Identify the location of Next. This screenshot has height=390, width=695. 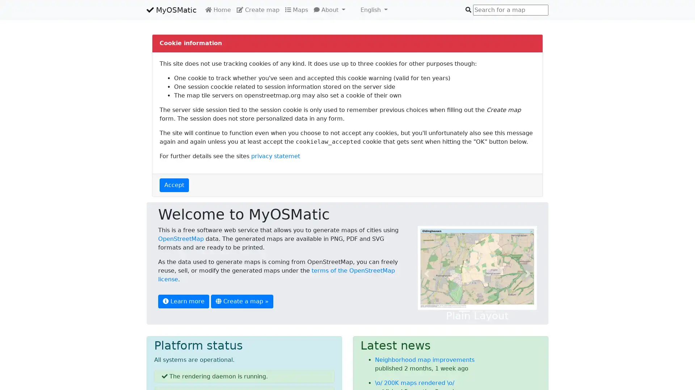
(527, 274).